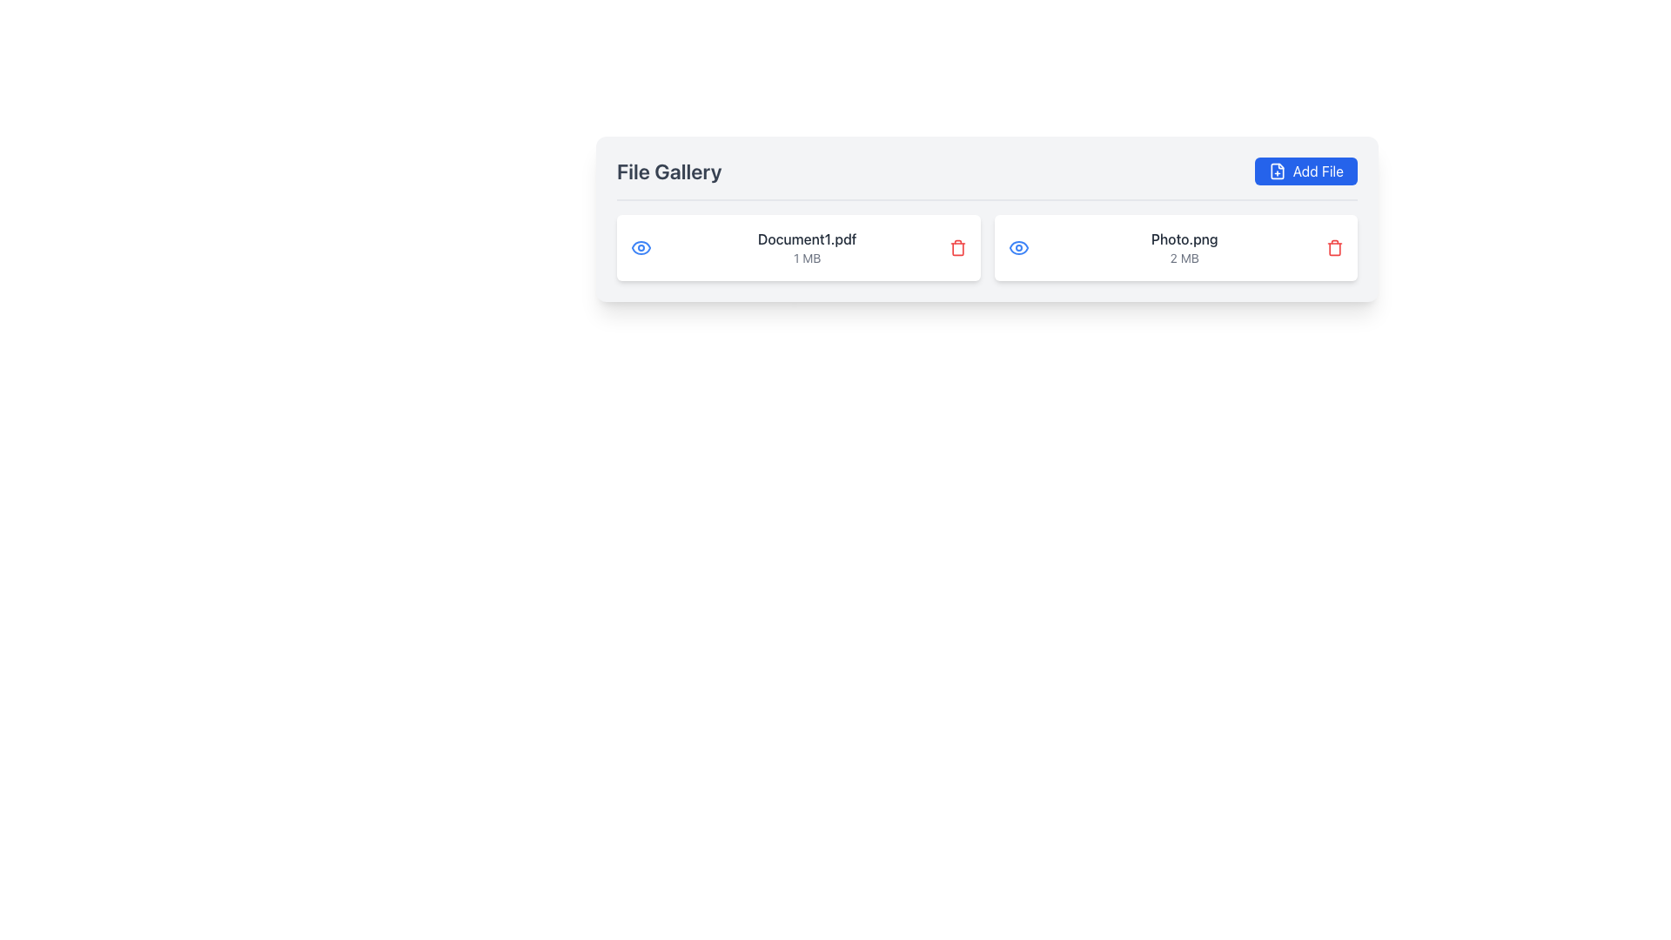 This screenshot has height=940, width=1671. What do you see at coordinates (1184, 248) in the screenshot?
I see `text content of the file identification label displaying 'Photo.png' and its size '2 MB', which is centered between a blue eye icon and a red trash bin icon` at bounding box center [1184, 248].